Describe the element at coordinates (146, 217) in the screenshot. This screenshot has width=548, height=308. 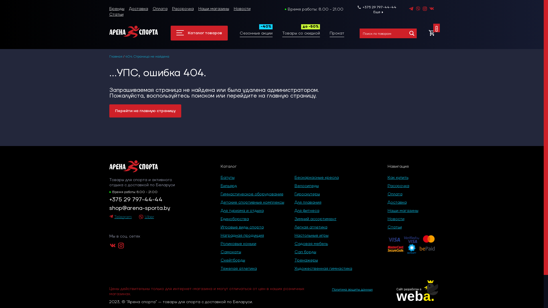
I see `'Viber'` at that location.